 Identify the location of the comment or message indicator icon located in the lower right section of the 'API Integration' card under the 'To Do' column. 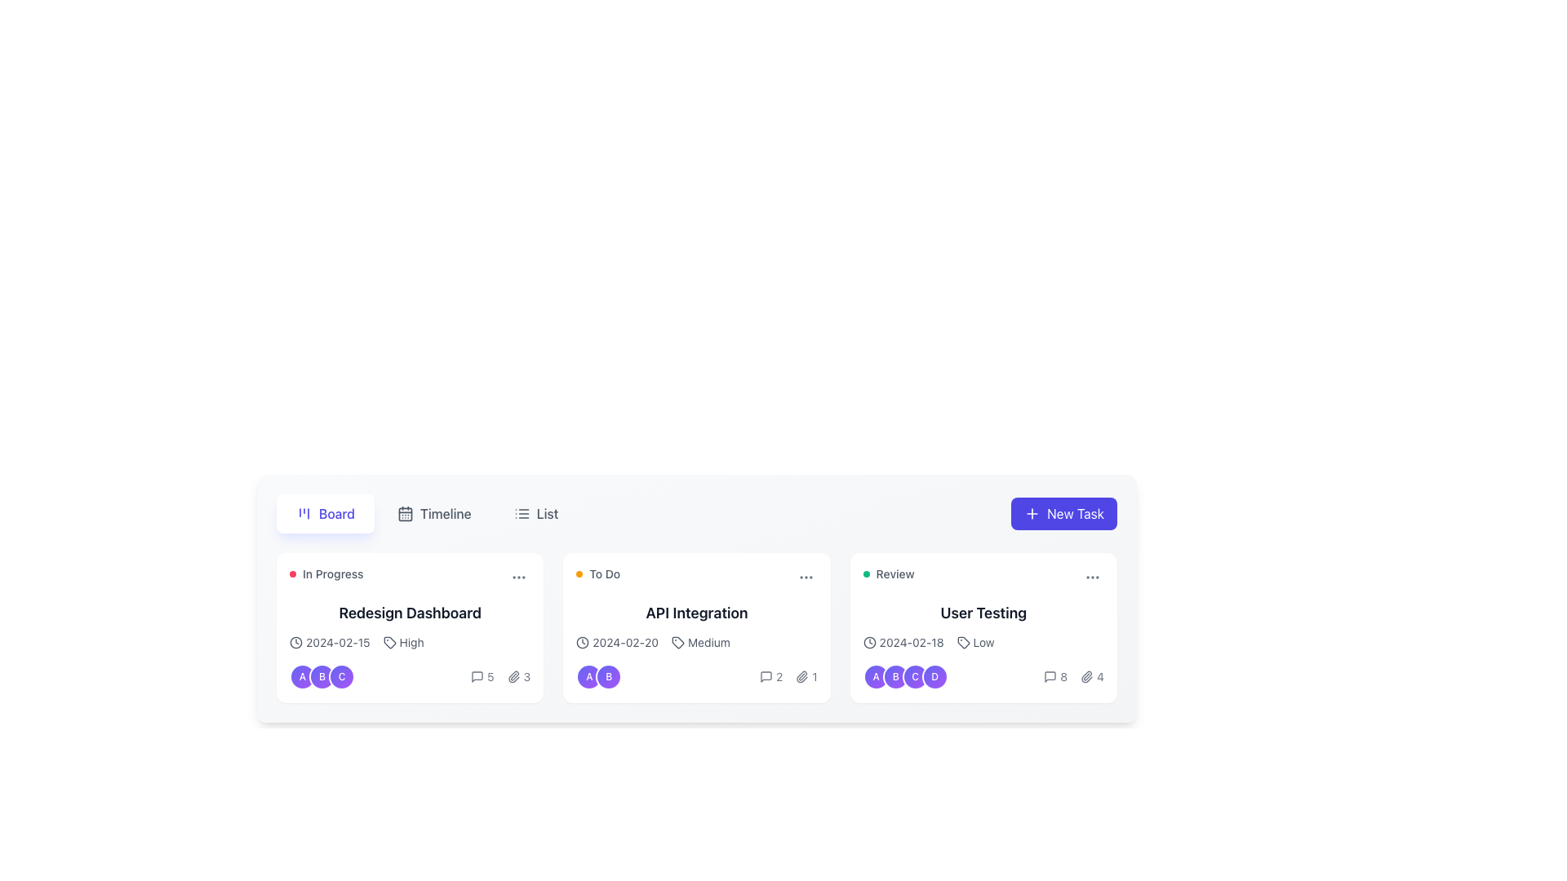
(766, 676).